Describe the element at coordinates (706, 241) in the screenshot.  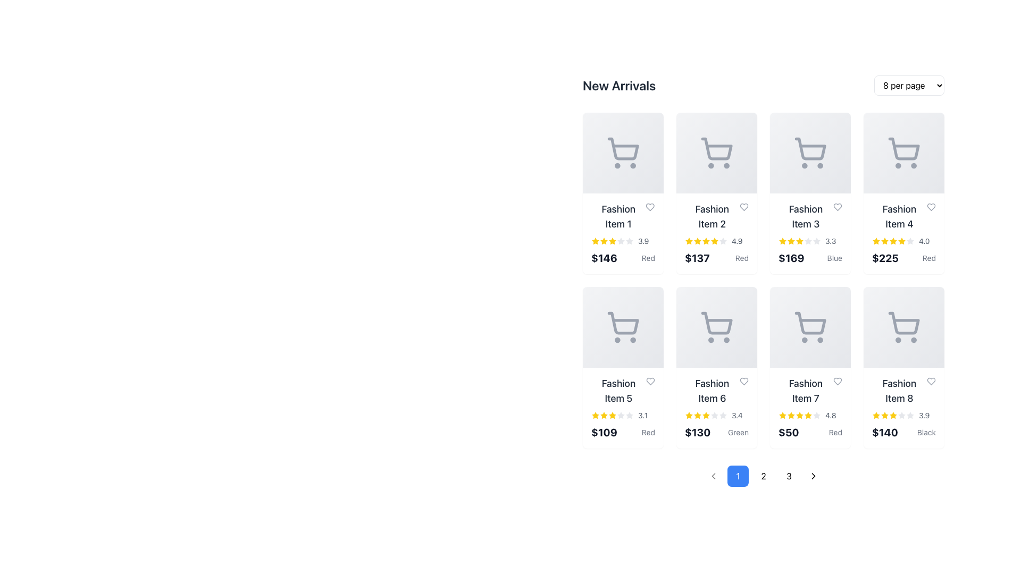
I see `the fourth star icon in the rating display for 'Fashion Item 2', which is styled with a yellow fill and indicates a high rating of 4.9` at that location.